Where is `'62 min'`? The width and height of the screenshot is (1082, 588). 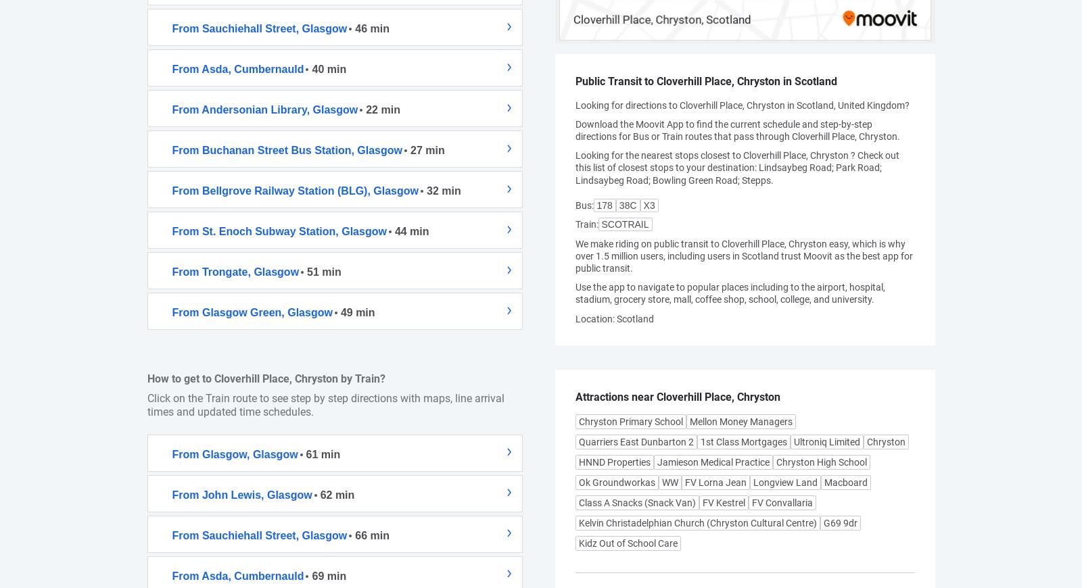
'62 min' is located at coordinates (336, 494).